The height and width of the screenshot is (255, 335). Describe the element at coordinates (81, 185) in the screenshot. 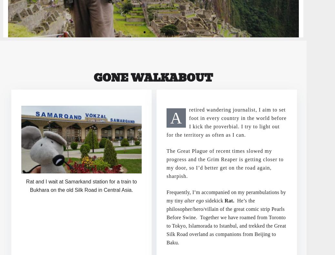

I see `'Rat and I wait at Samarkand station for a train to Bukhara on the old Silk Road in Central Asia.'` at that location.